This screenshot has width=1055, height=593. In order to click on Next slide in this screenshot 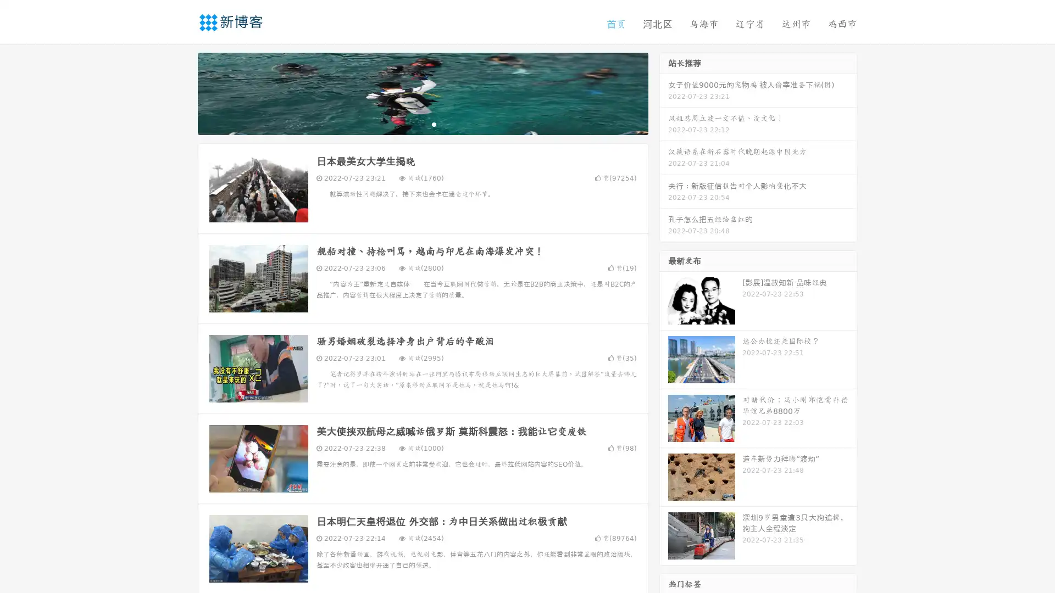, I will do `click(664, 92)`.